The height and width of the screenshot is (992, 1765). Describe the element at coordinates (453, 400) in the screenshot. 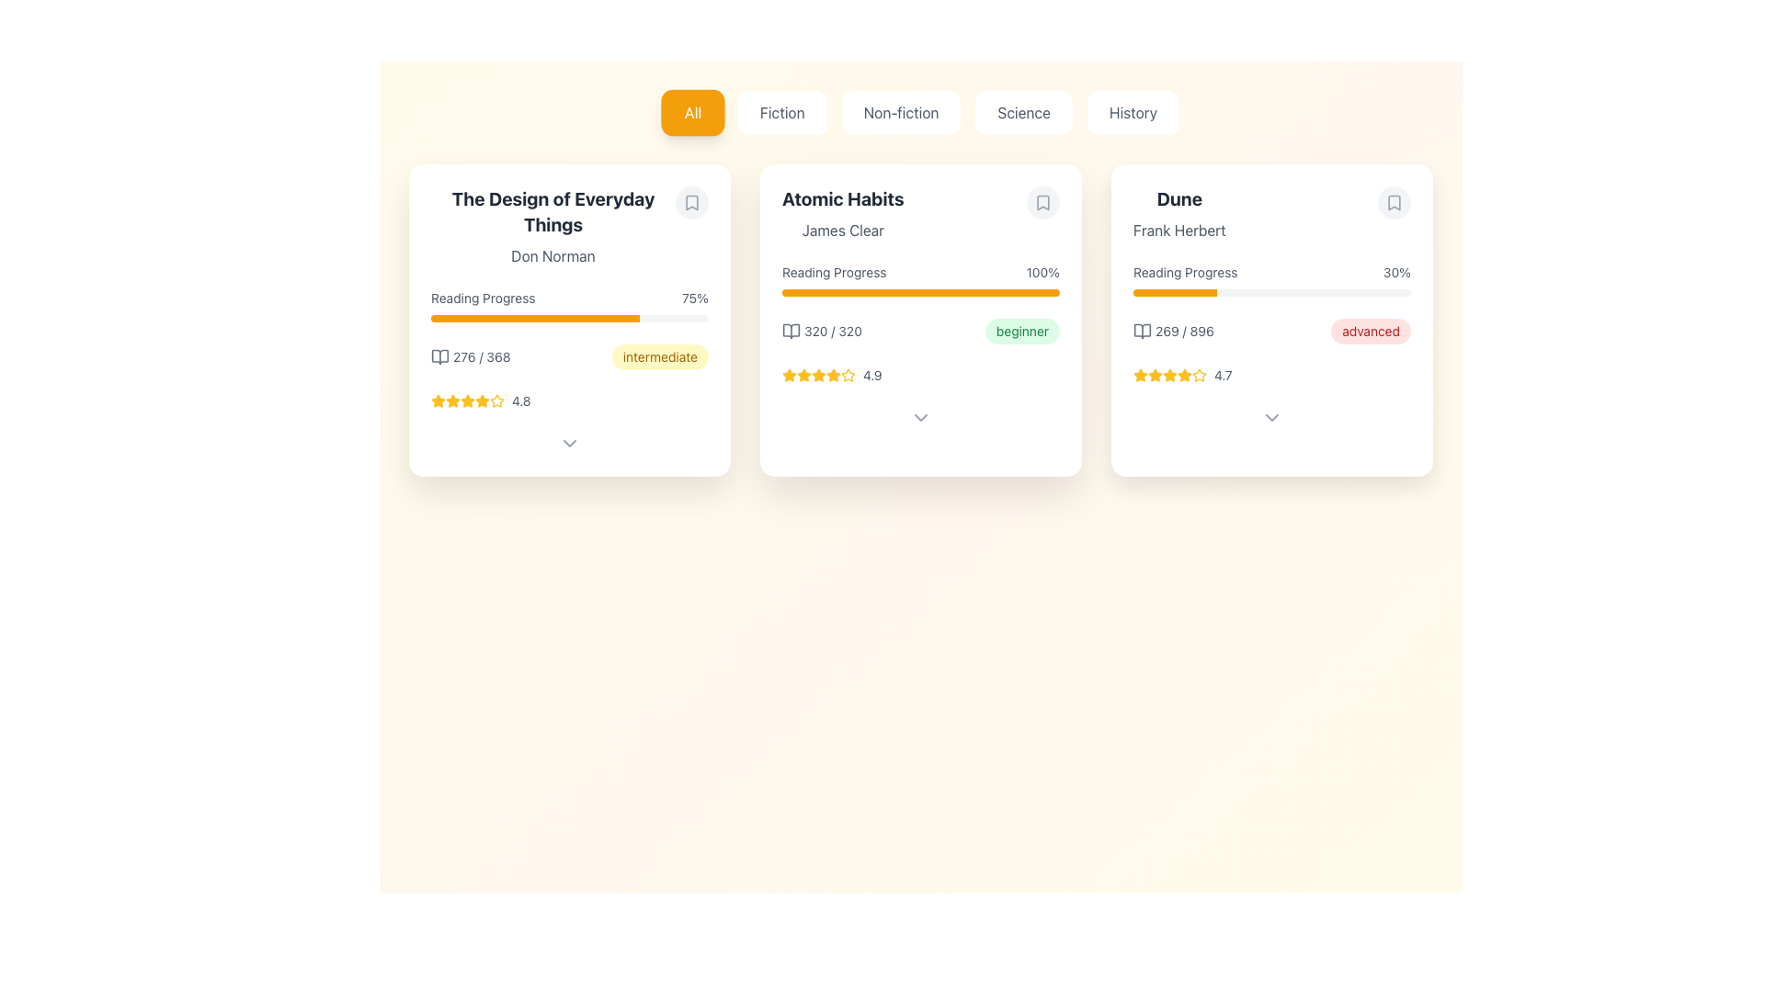

I see `the second star icon in the rating system for 'The Design of Everyday Things' located under the book's title, next to the rating value of 4.8` at that location.